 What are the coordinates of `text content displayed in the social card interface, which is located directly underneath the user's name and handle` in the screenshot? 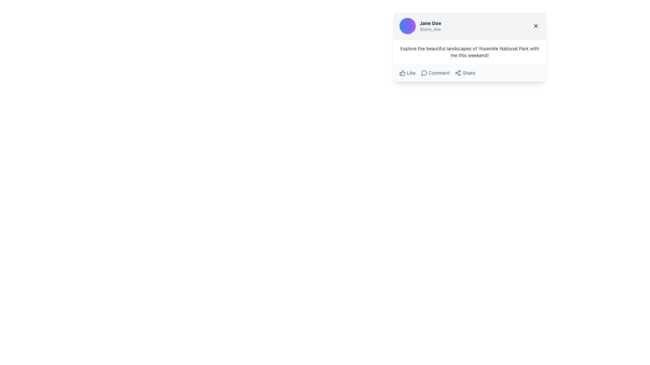 It's located at (469, 52).